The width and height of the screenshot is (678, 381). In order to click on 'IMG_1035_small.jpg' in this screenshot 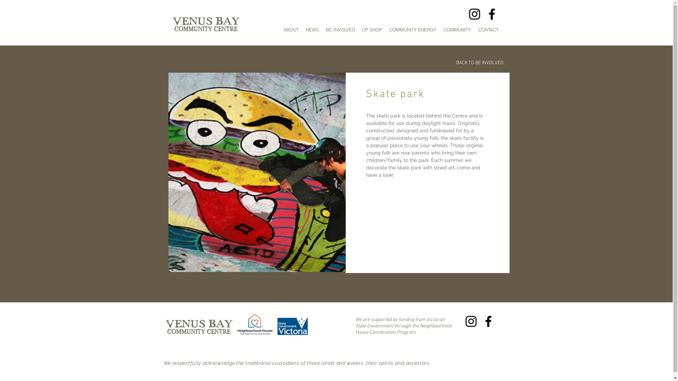, I will do `click(256, 172)`.